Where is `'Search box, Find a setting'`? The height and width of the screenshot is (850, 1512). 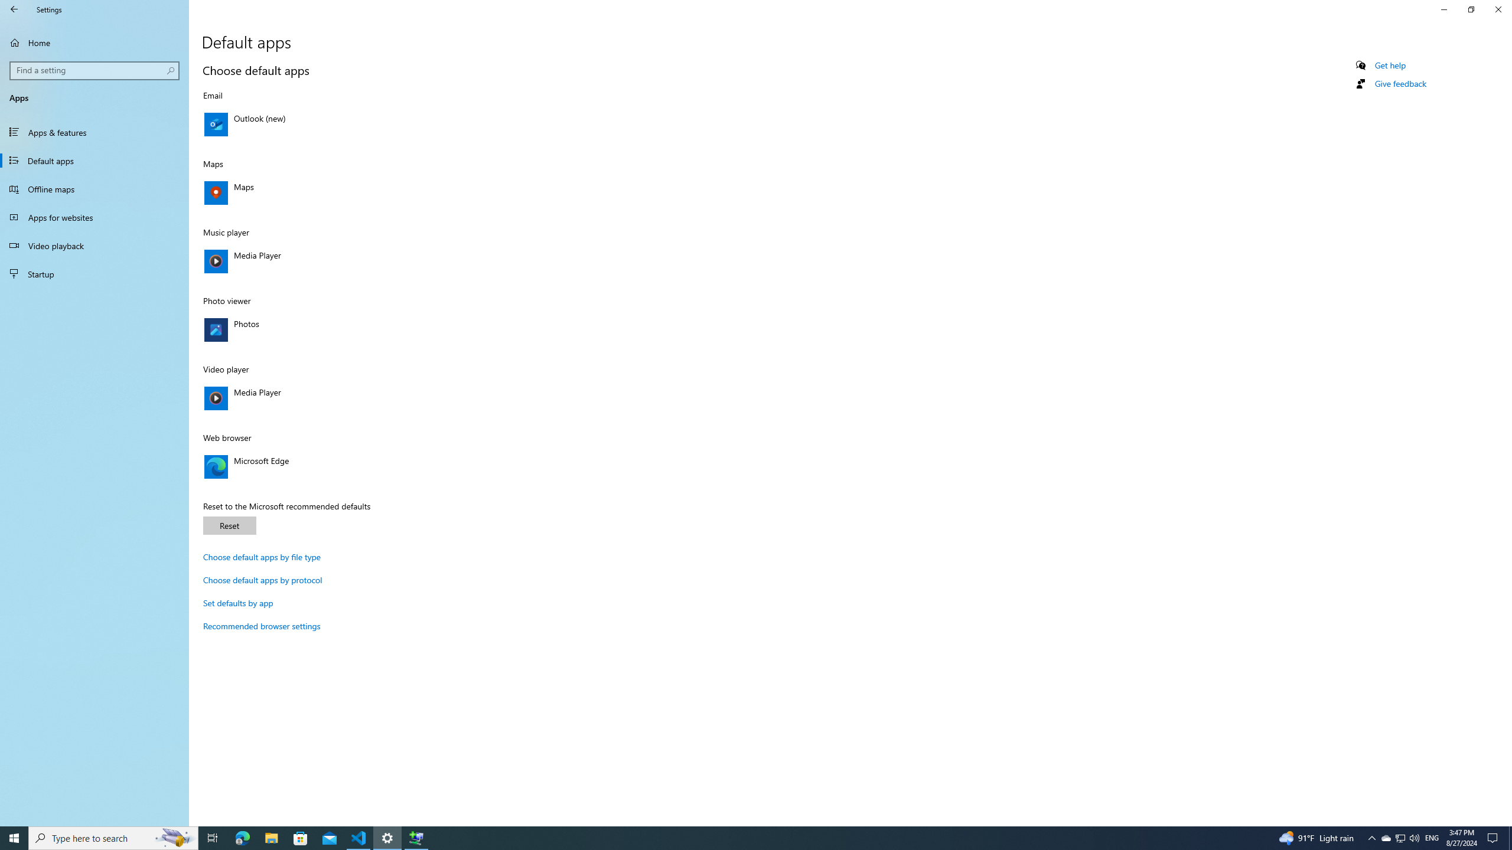
'Search box, Find a setting' is located at coordinates (94, 70).